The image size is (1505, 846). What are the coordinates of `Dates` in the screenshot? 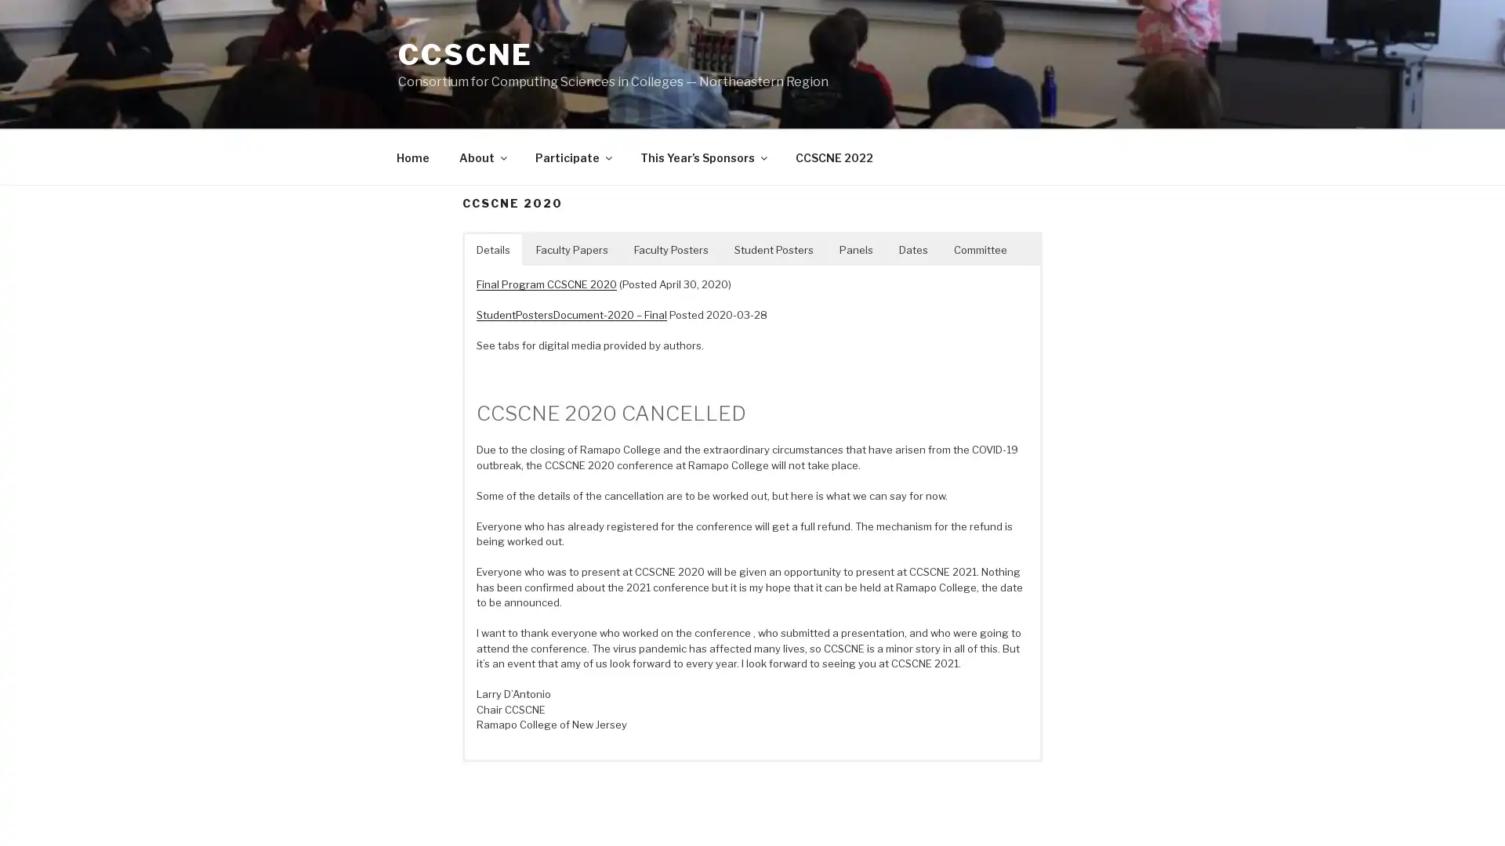 It's located at (913, 248).